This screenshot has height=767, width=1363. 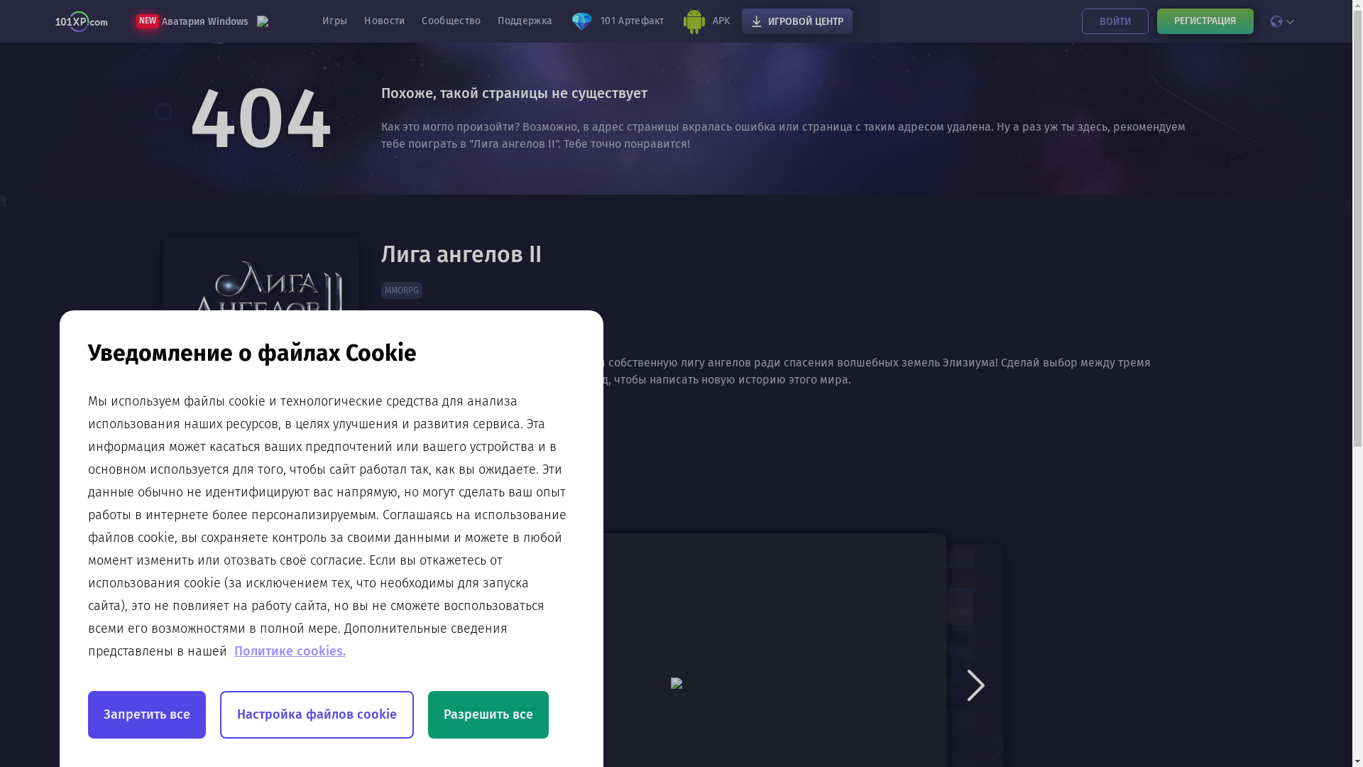 I want to click on 'APK', so click(x=706, y=21).